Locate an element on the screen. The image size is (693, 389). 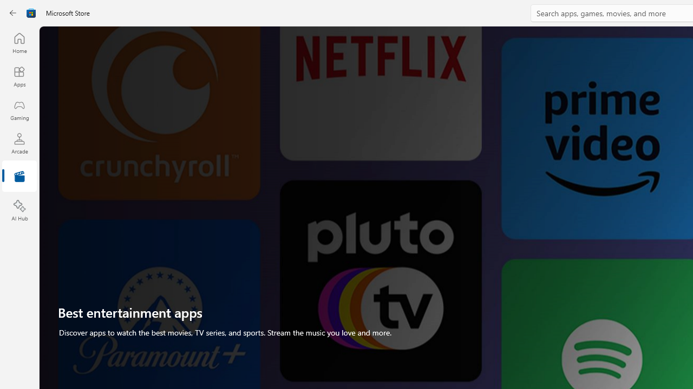
'AI Hub' is located at coordinates (19, 211).